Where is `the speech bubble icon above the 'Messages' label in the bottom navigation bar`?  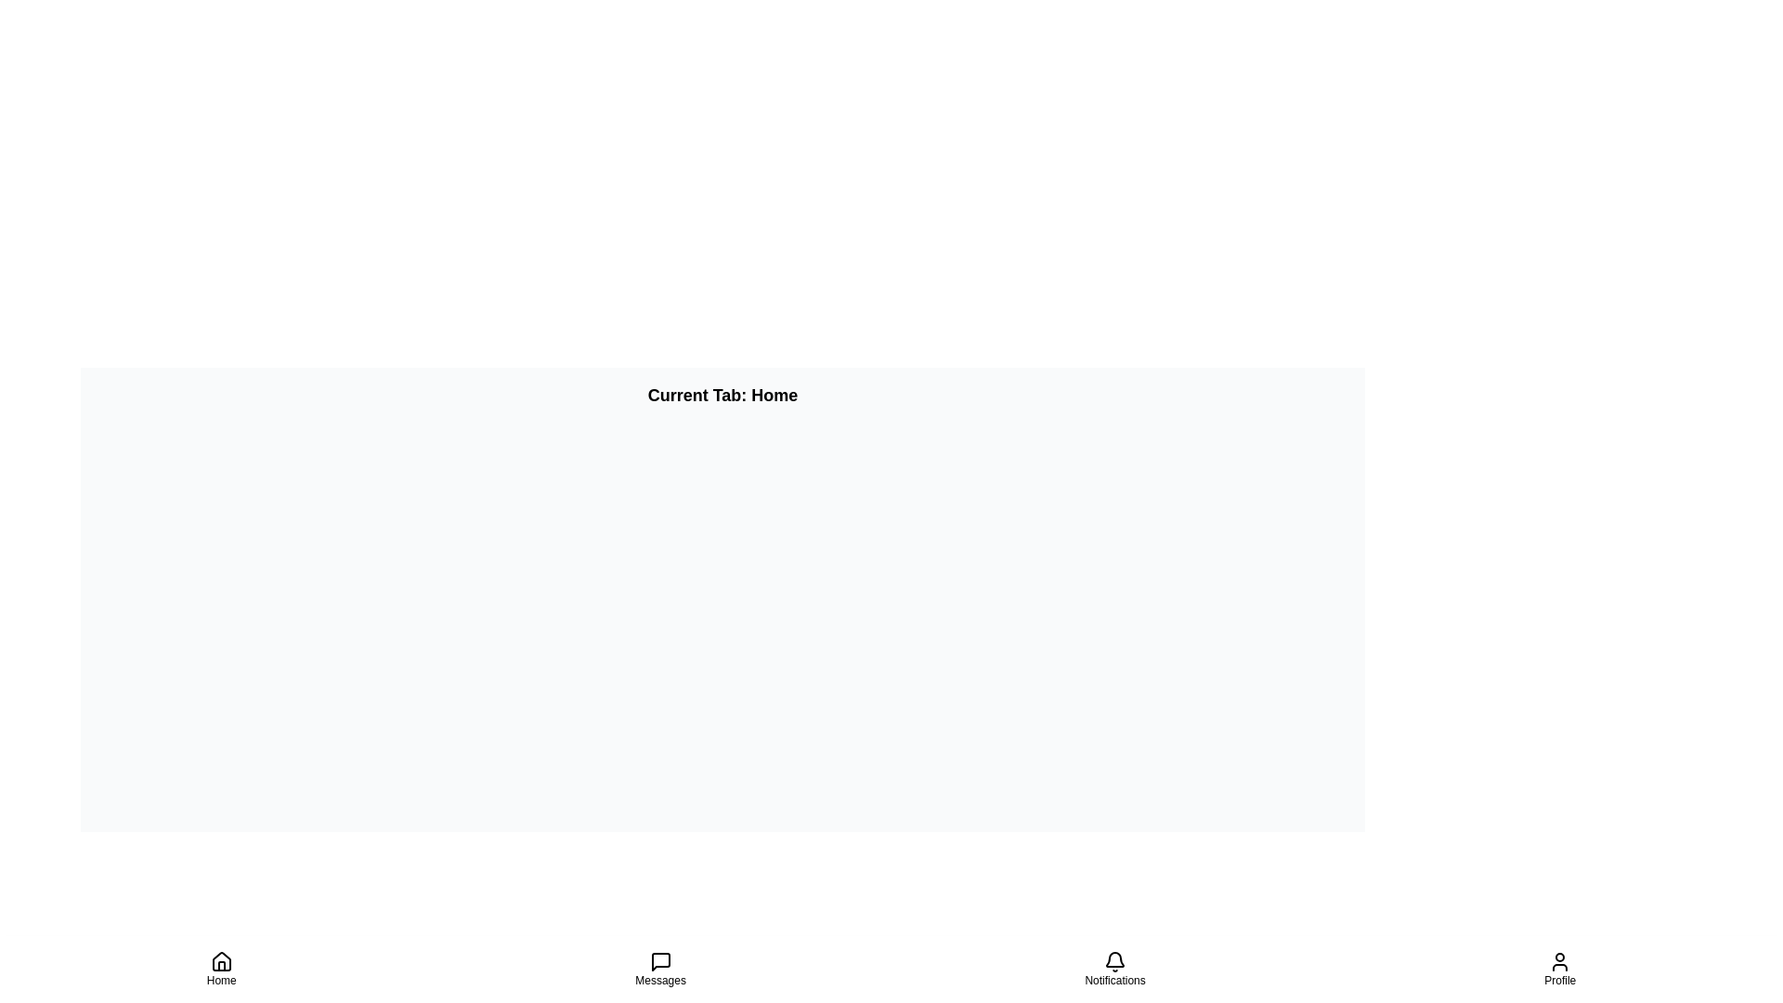
the speech bubble icon above the 'Messages' label in the bottom navigation bar is located at coordinates (660, 961).